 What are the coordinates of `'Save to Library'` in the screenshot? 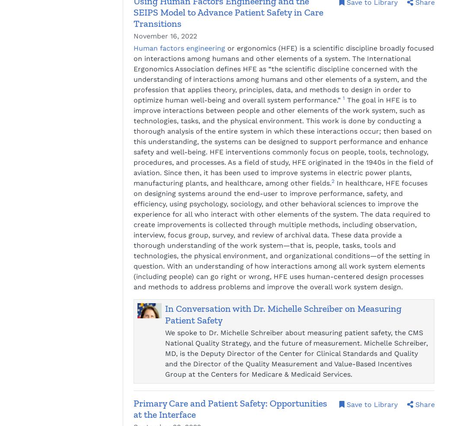 It's located at (372, 404).